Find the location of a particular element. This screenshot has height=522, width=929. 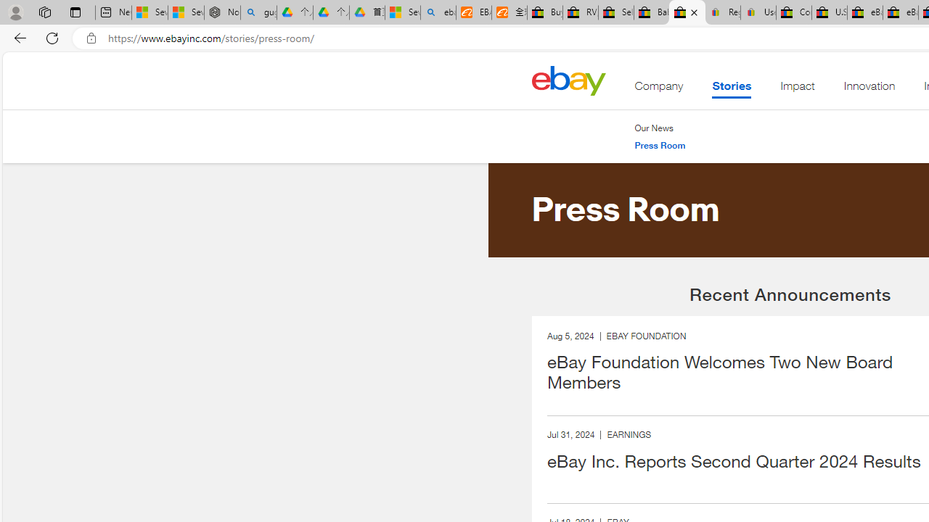

'Press Room - eBay Inc.' is located at coordinates (687, 12).